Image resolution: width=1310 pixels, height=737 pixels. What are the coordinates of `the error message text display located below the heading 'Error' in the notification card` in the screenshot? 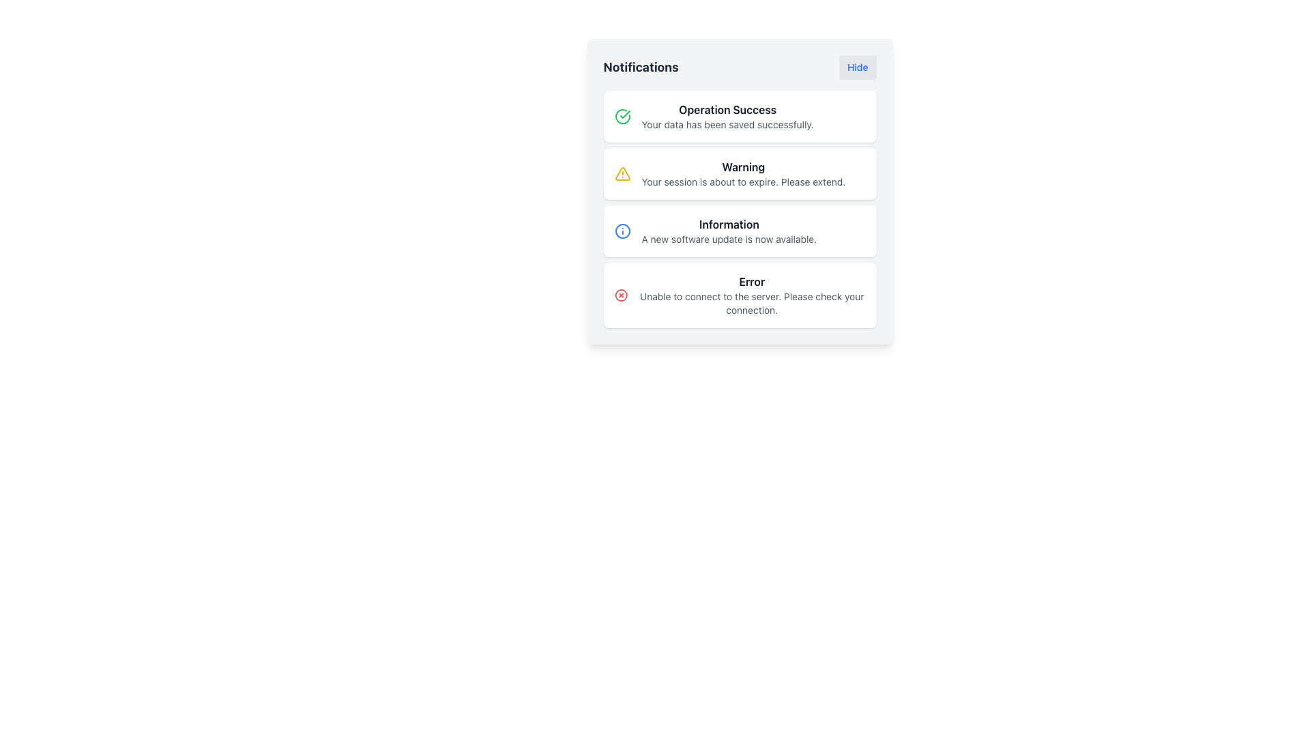 It's located at (751, 302).